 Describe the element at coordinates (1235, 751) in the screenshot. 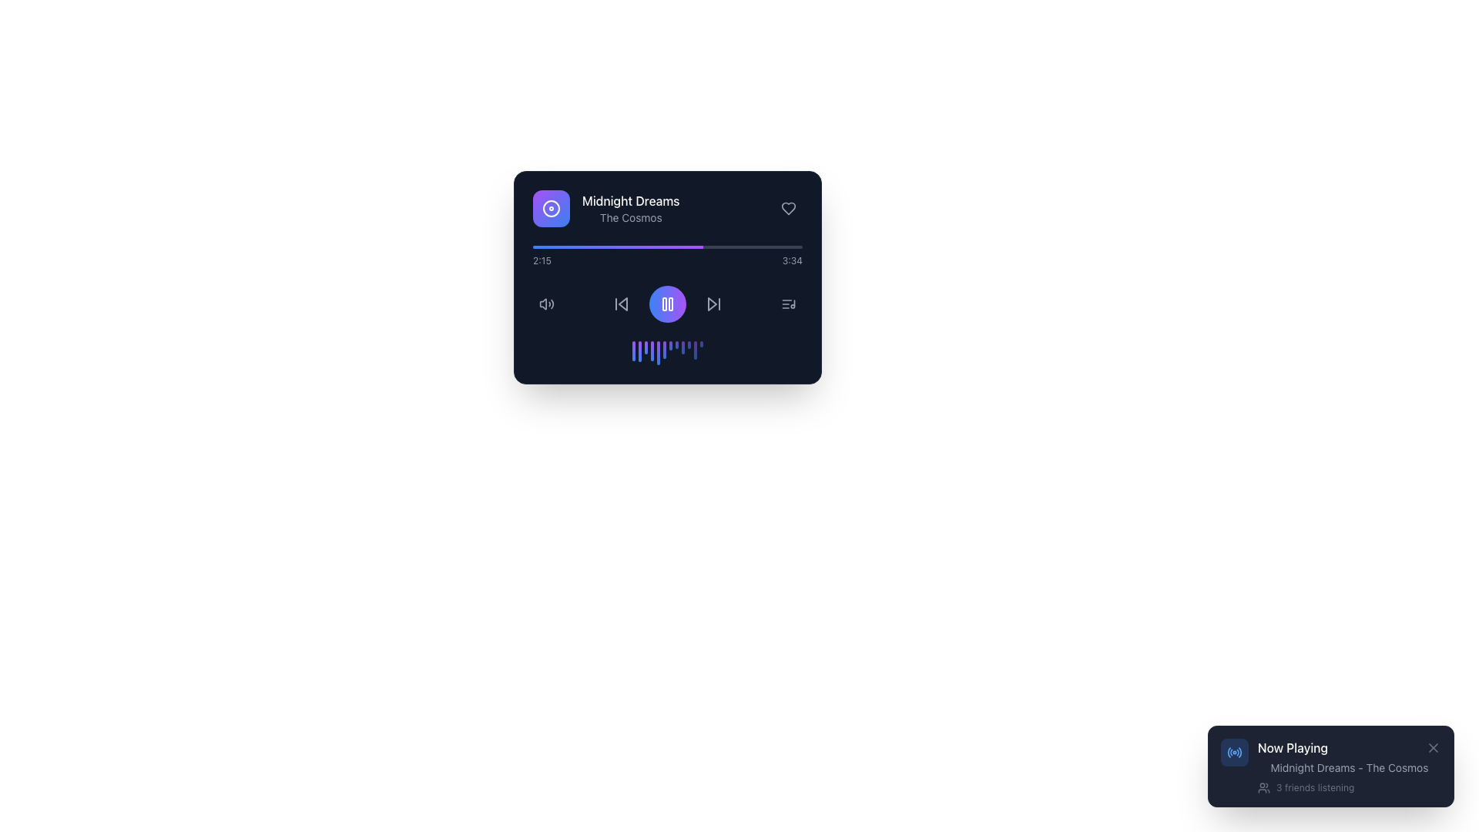

I see `the status icon representing the 'Now Playing' feature located in the lower-right corner of the interface, to the left of the 'Now Playing' text` at that location.